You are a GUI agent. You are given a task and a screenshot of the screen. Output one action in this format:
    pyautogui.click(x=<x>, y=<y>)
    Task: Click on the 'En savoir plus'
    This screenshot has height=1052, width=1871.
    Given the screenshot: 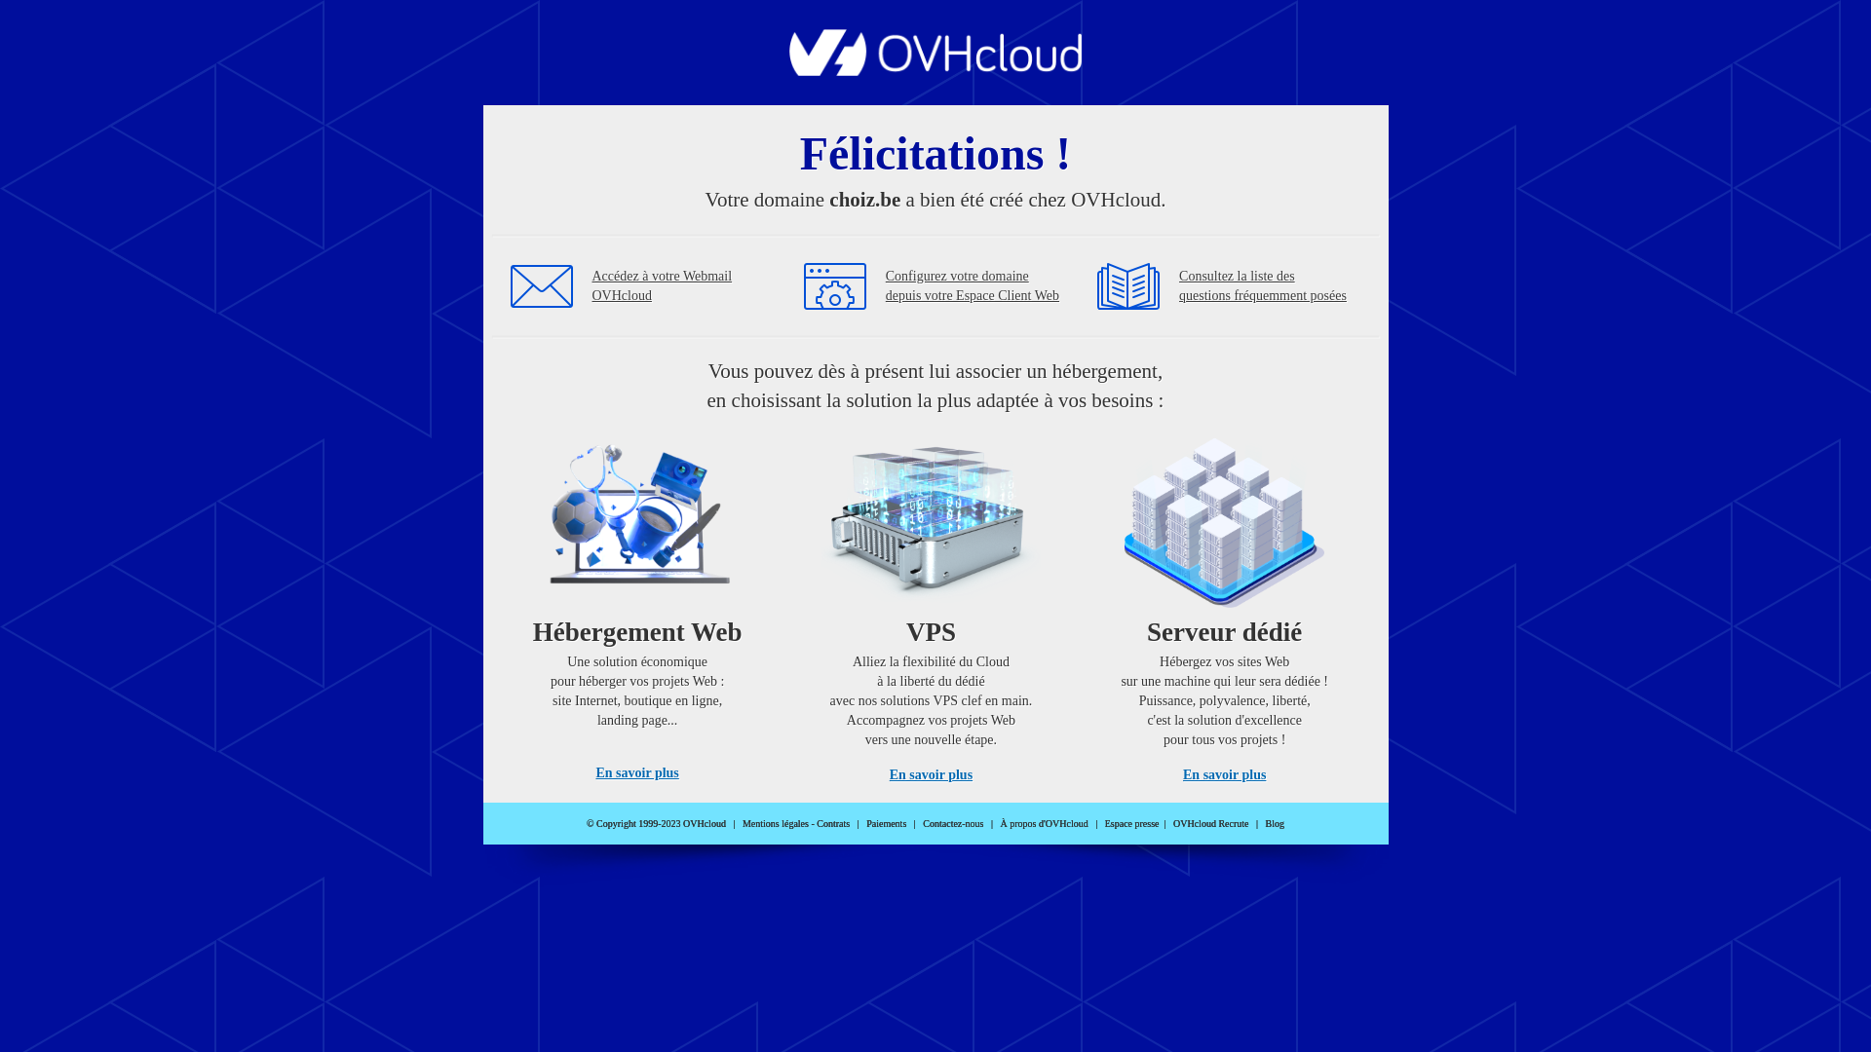 What is the action you would take?
    pyautogui.click(x=1223, y=773)
    